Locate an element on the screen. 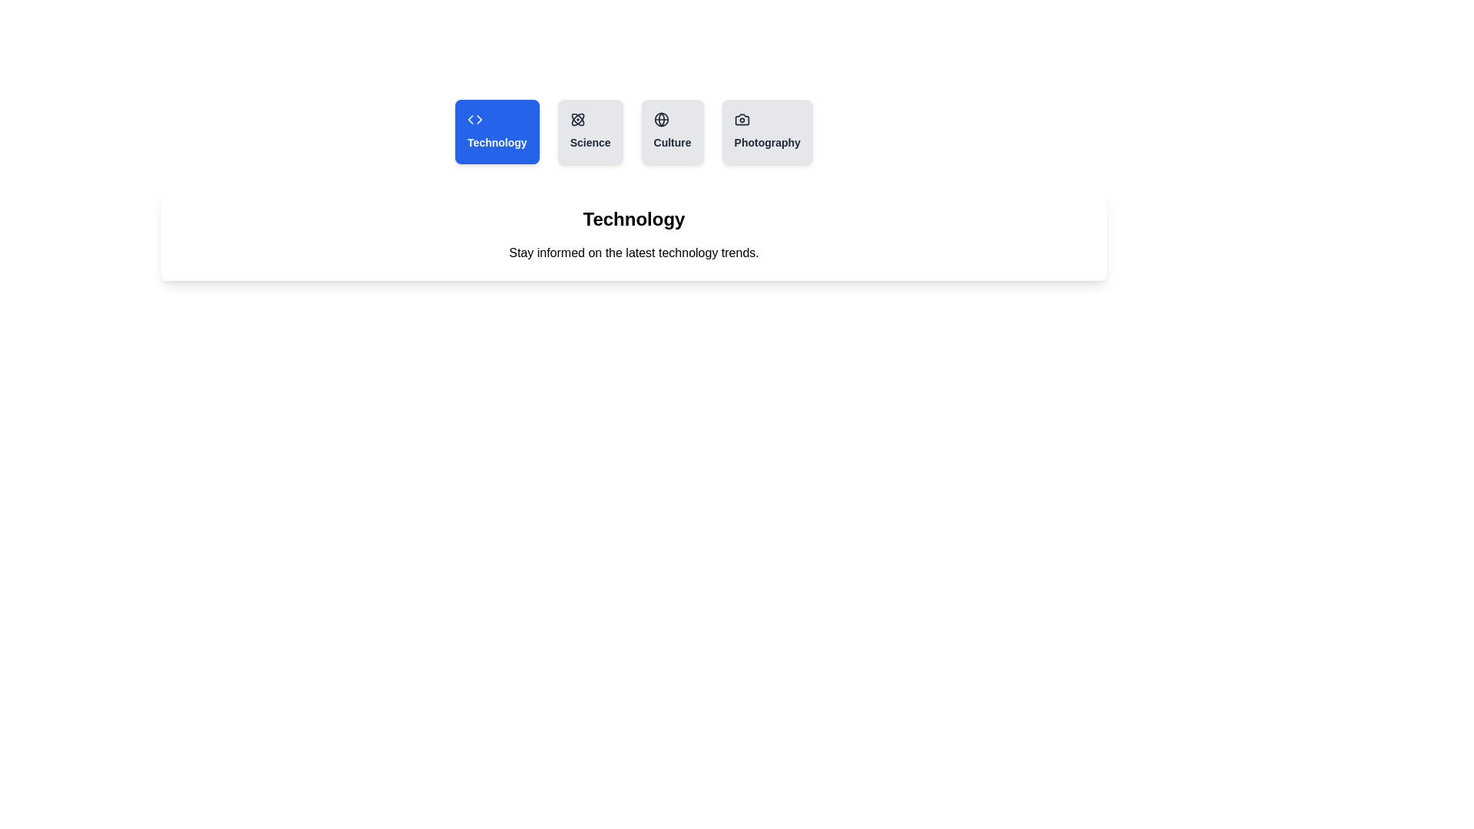 This screenshot has width=1474, height=829. the tab labeled Photography to observe its hover effect is located at coordinates (767, 131).